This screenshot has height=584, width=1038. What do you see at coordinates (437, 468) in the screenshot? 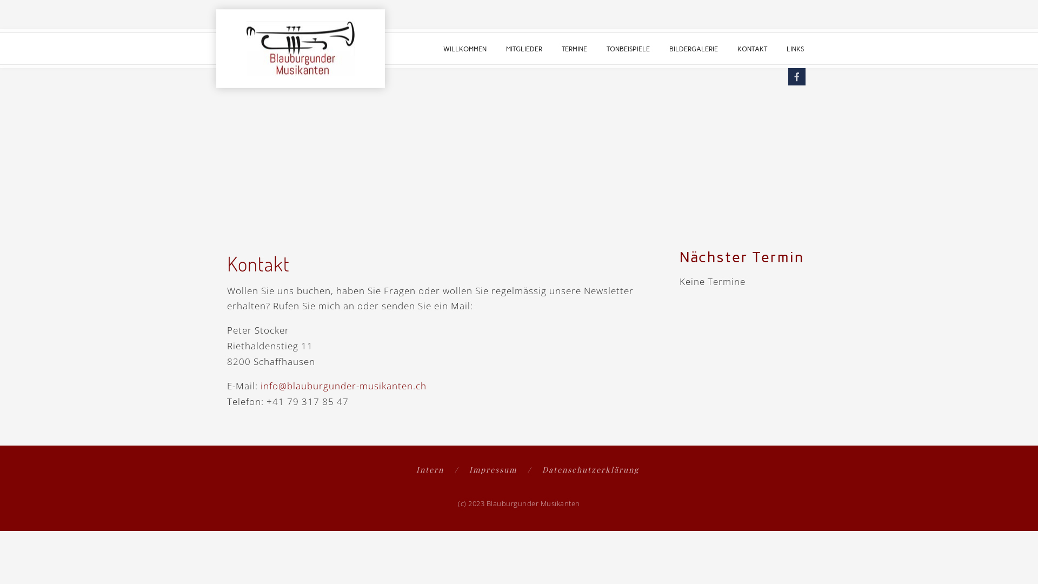
I see `'Intern'` at bounding box center [437, 468].